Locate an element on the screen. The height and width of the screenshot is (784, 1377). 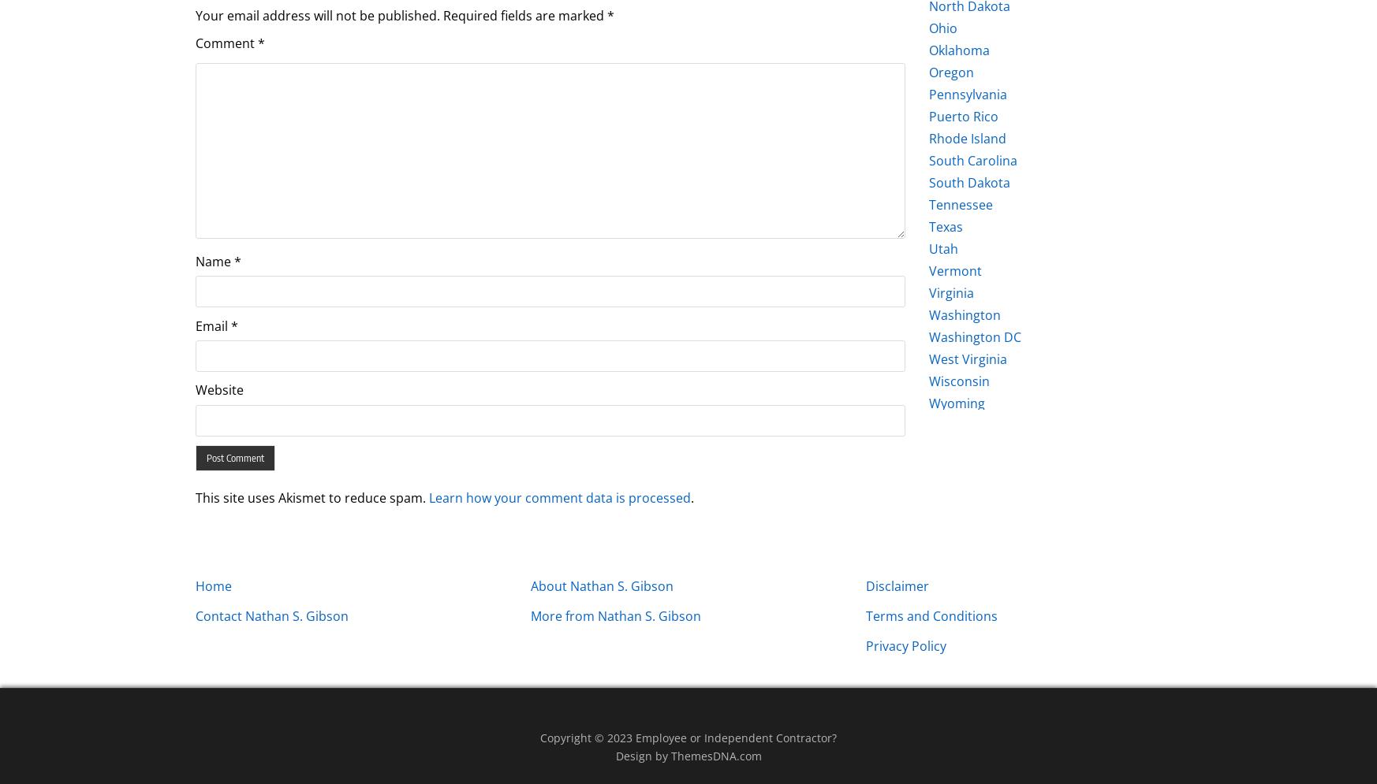
'Your email address will not be published.' is located at coordinates (316, 15).